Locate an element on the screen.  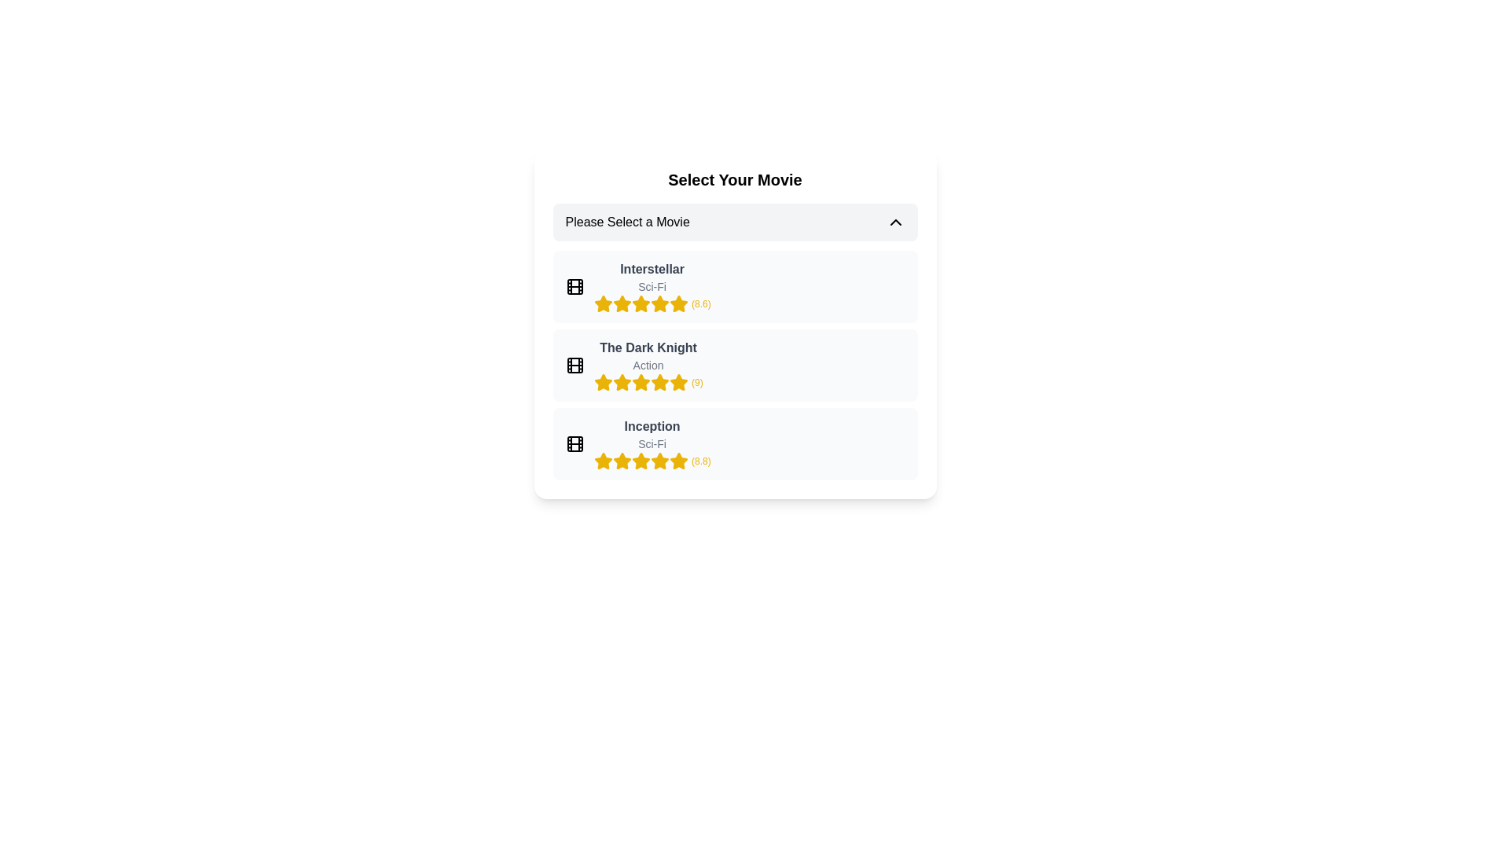
numeric rating value displayed next to the fifth star icon for the movie 'Interstellar' is located at coordinates (700, 303).